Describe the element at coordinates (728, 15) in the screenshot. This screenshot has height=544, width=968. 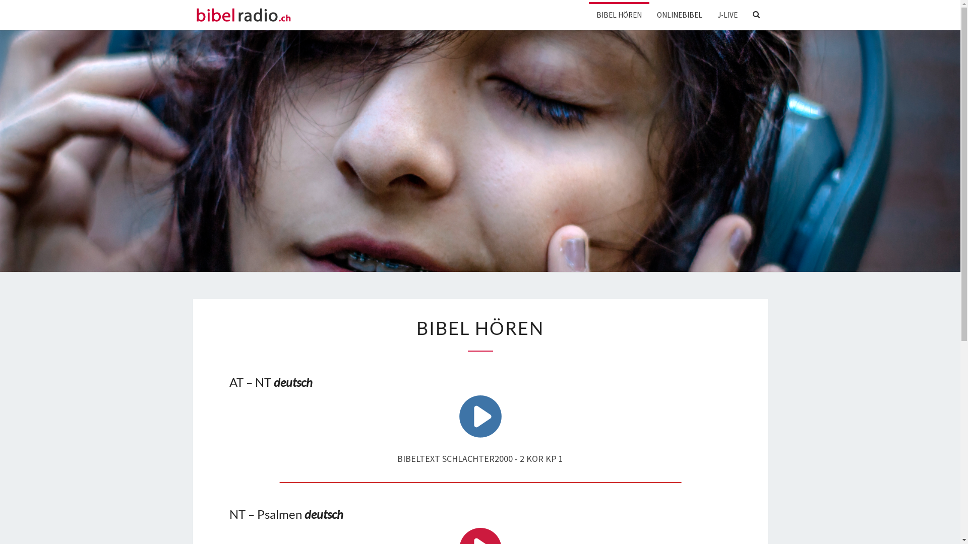
I see `'J-LIVE'` at that location.